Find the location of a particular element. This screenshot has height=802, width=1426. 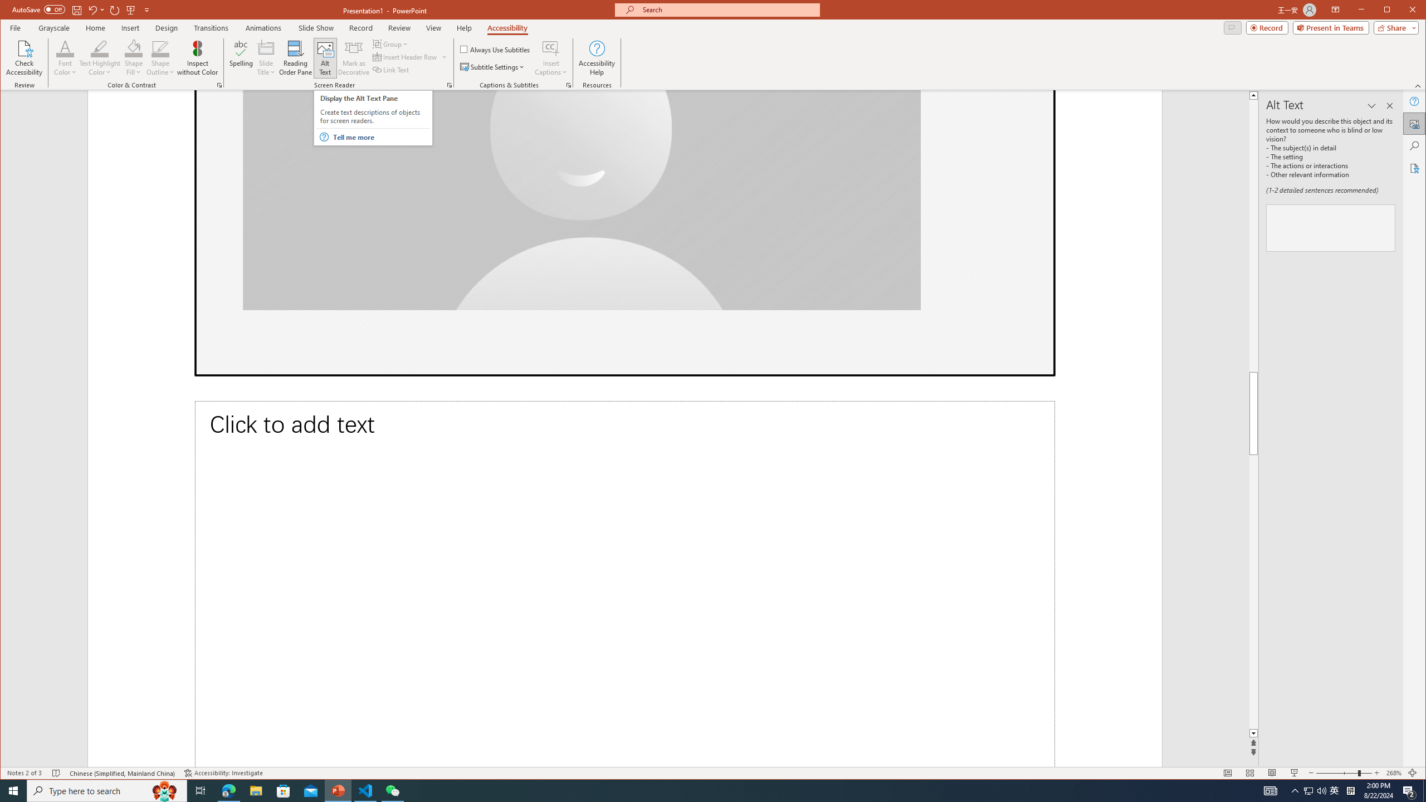

'Screen Reader' is located at coordinates (449, 85).